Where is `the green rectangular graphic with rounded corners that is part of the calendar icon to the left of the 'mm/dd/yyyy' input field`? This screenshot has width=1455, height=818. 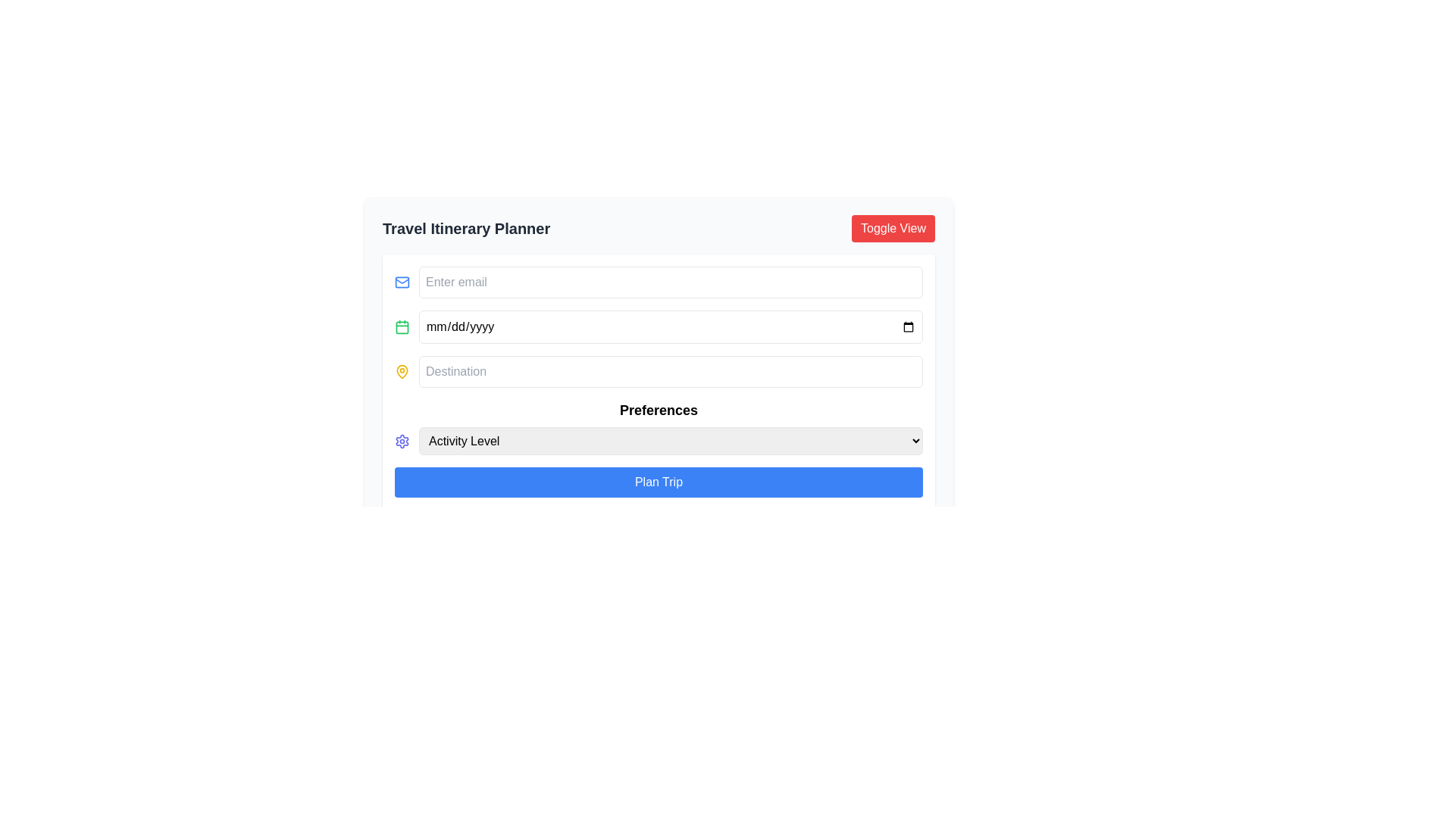
the green rectangular graphic with rounded corners that is part of the calendar icon to the left of the 'mm/dd/yyyy' input field is located at coordinates (402, 326).